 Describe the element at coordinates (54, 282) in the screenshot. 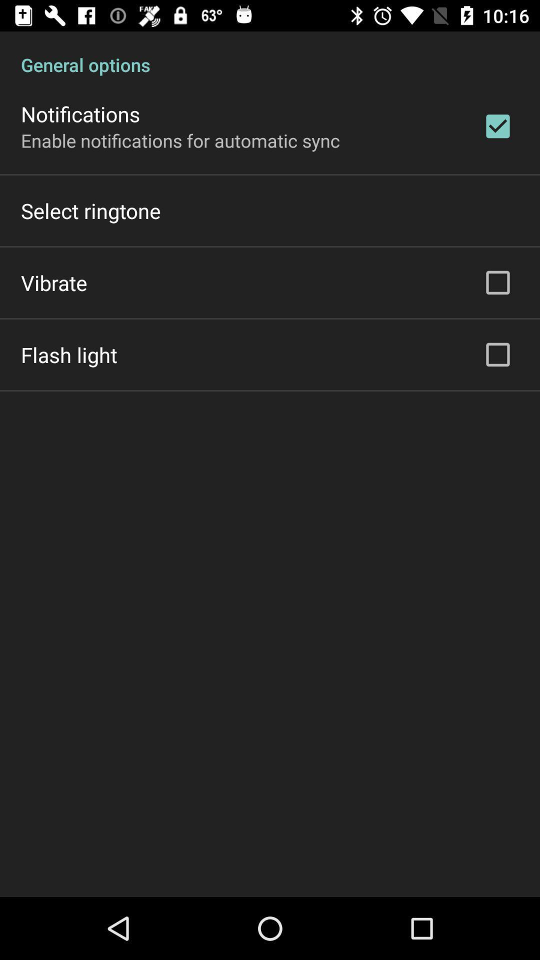

I see `icon below select ringtone` at that location.